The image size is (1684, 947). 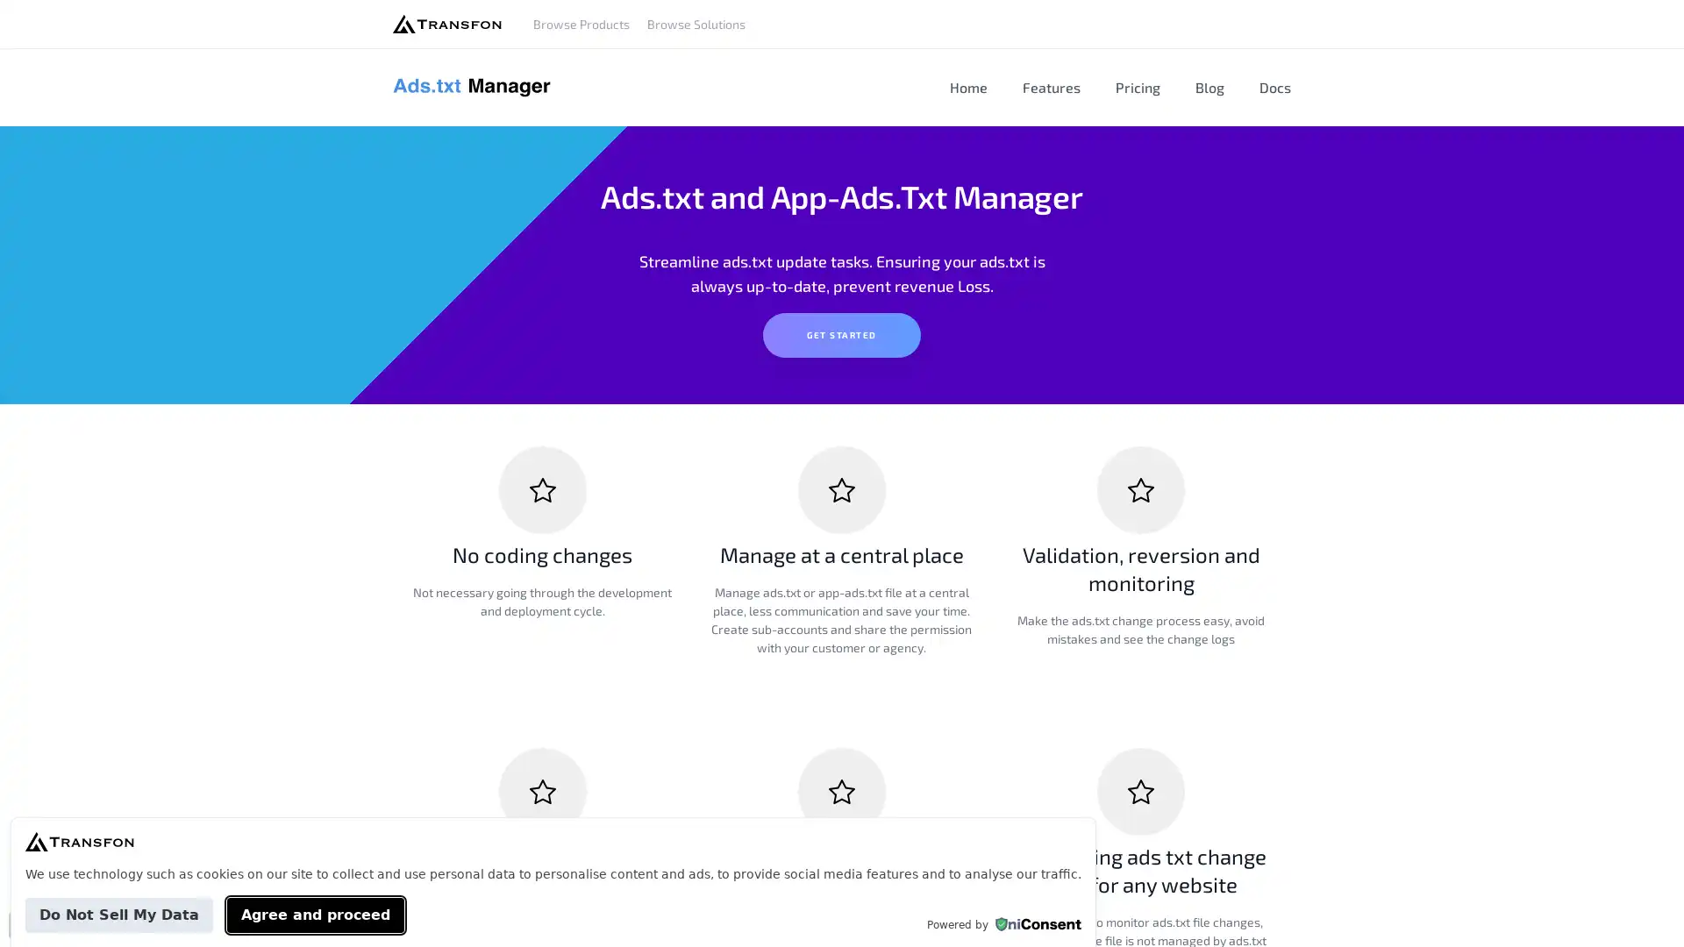 I want to click on Do Not Sell My Data, so click(x=118, y=915).